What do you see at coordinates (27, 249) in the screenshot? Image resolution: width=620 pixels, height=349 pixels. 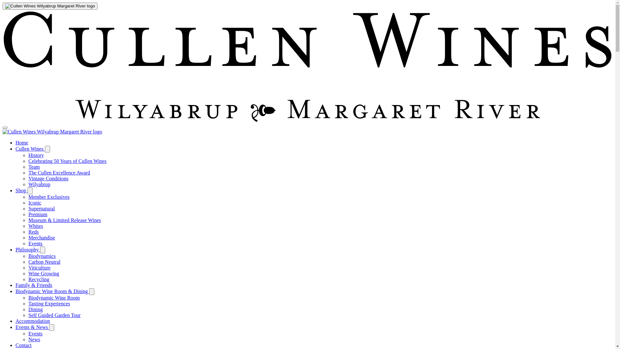 I see `'Philosophy'` at bounding box center [27, 249].